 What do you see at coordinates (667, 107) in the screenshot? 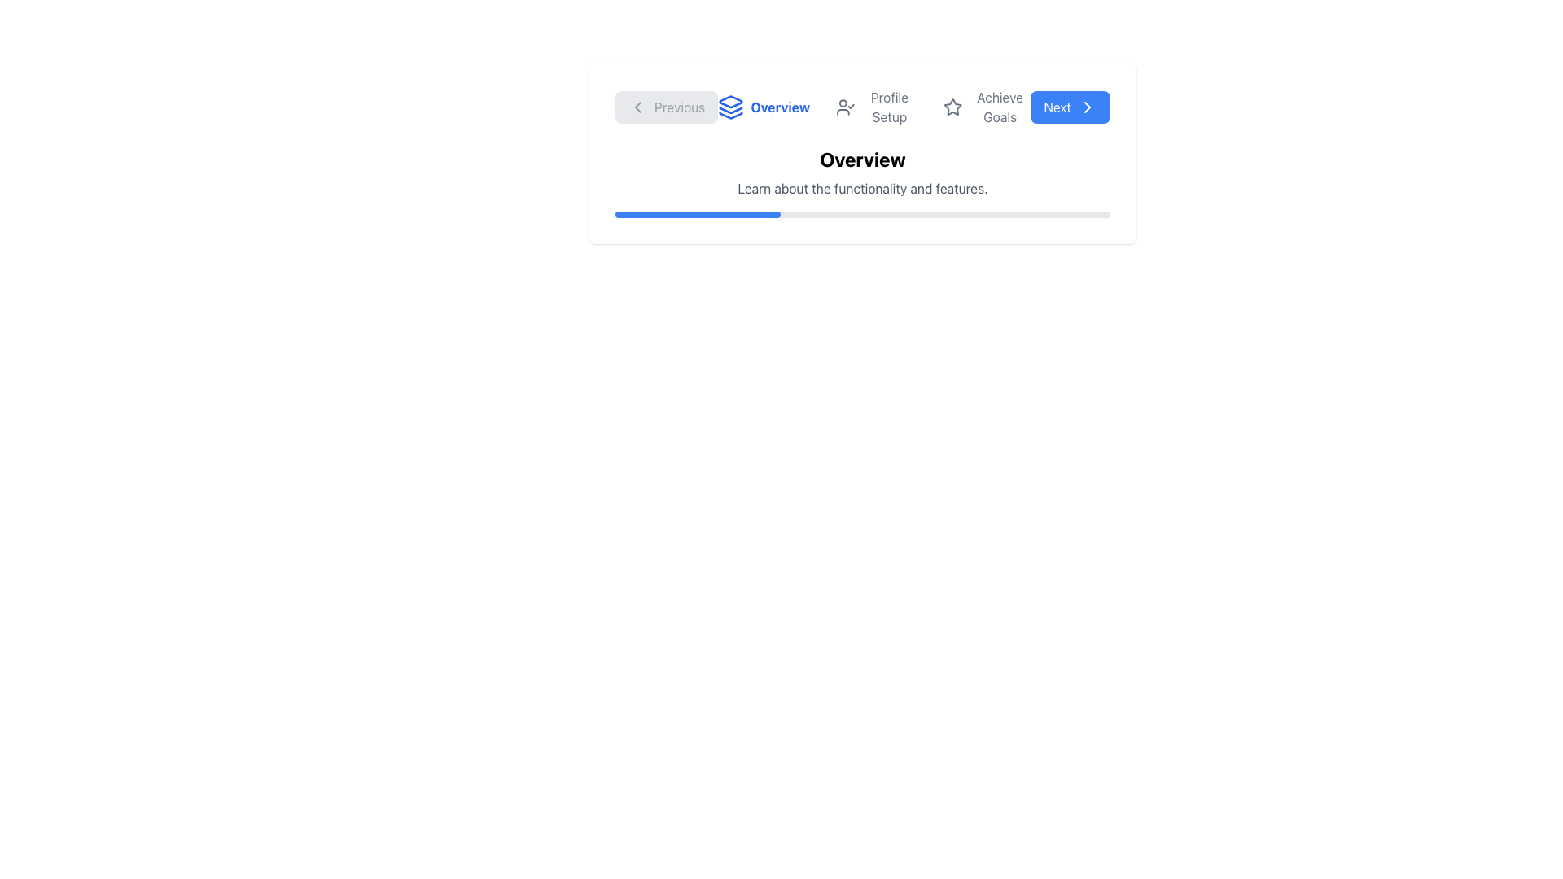
I see `the navigation button located on the left-most side of the horizontal navigation bar` at bounding box center [667, 107].